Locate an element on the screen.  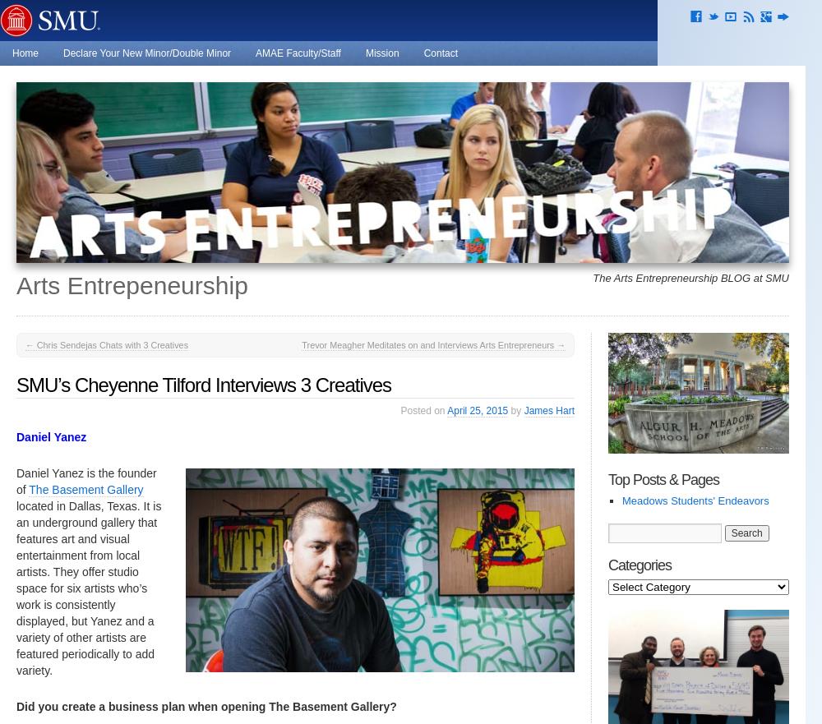
'Categories' is located at coordinates (640, 564).